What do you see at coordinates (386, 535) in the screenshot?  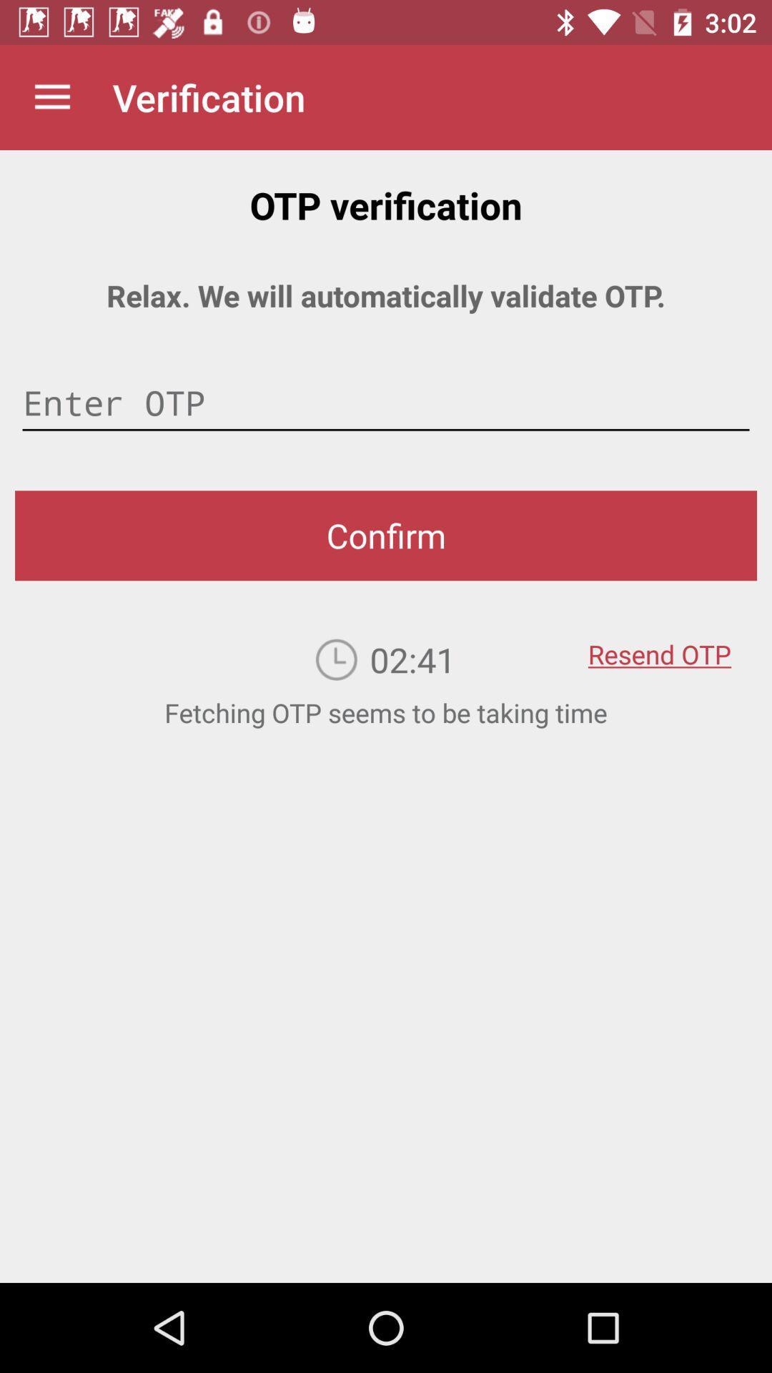 I see `the icon above  resend otp  icon` at bounding box center [386, 535].